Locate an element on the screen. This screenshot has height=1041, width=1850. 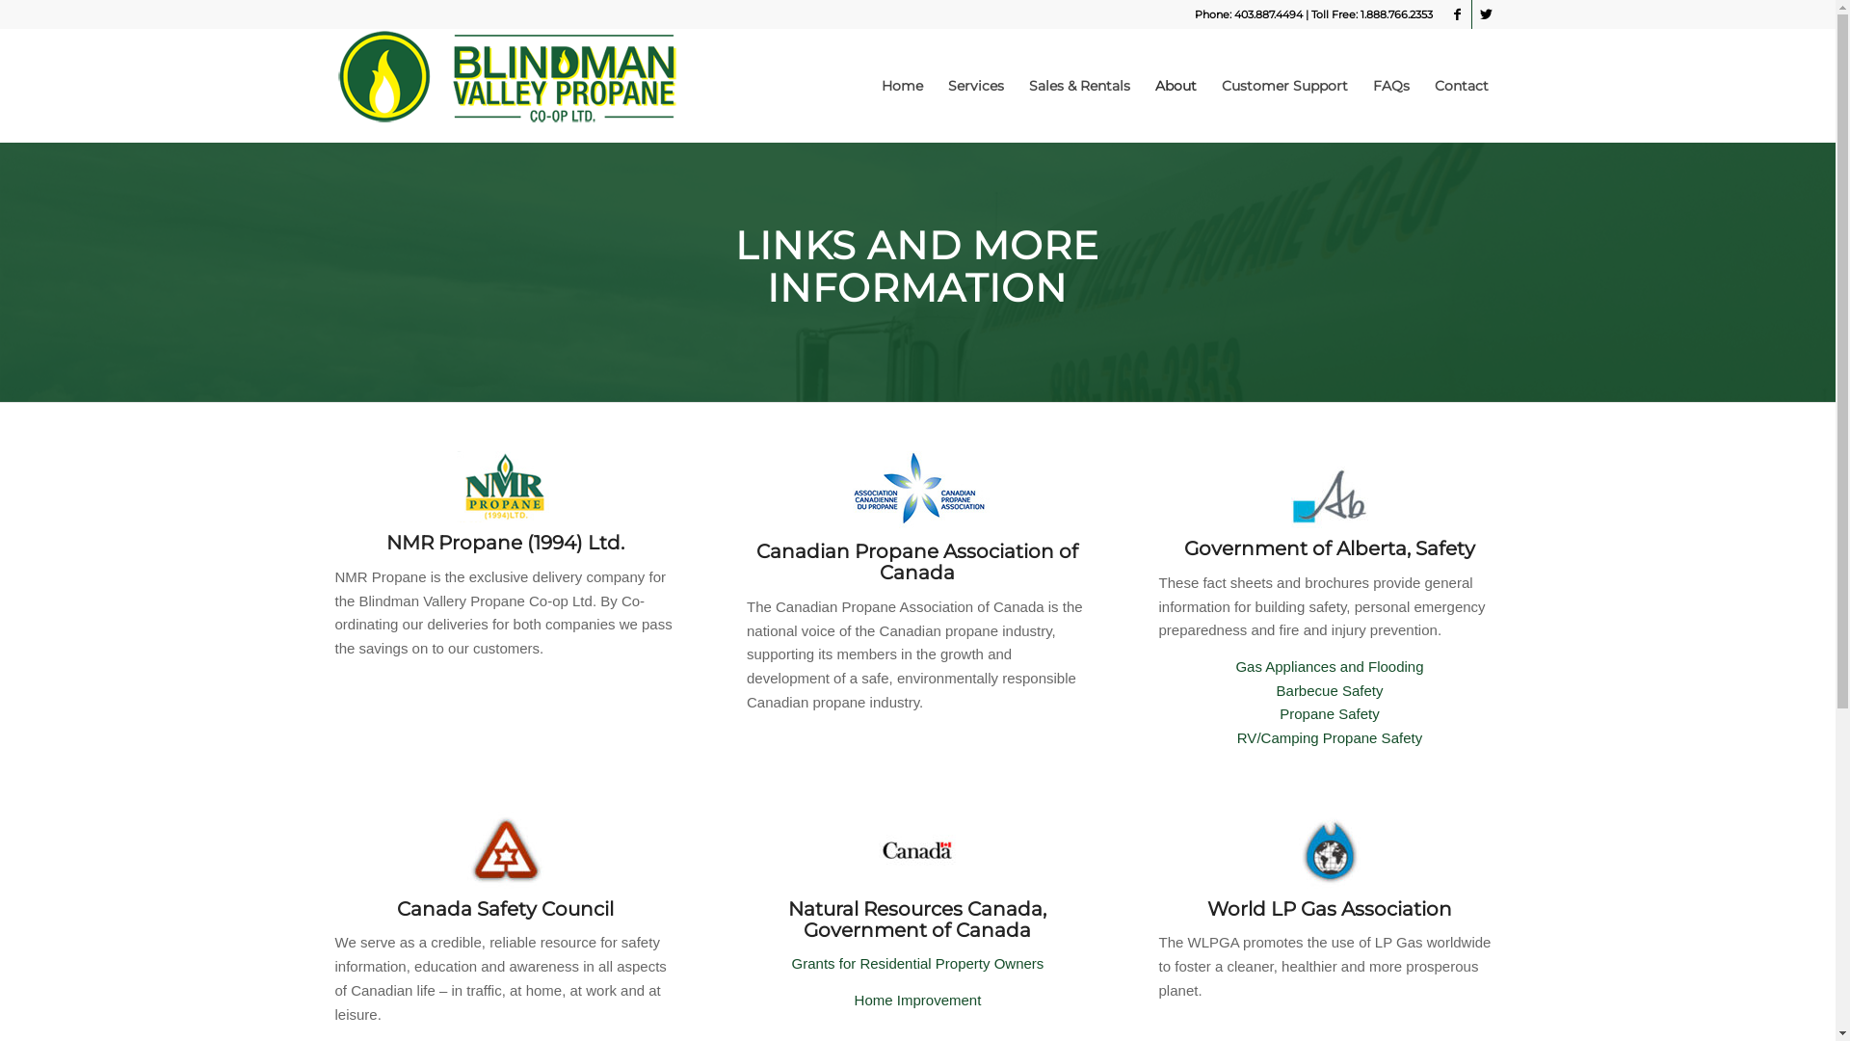
'Grants for Residential Property Owners' is located at coordinates (917, 963).